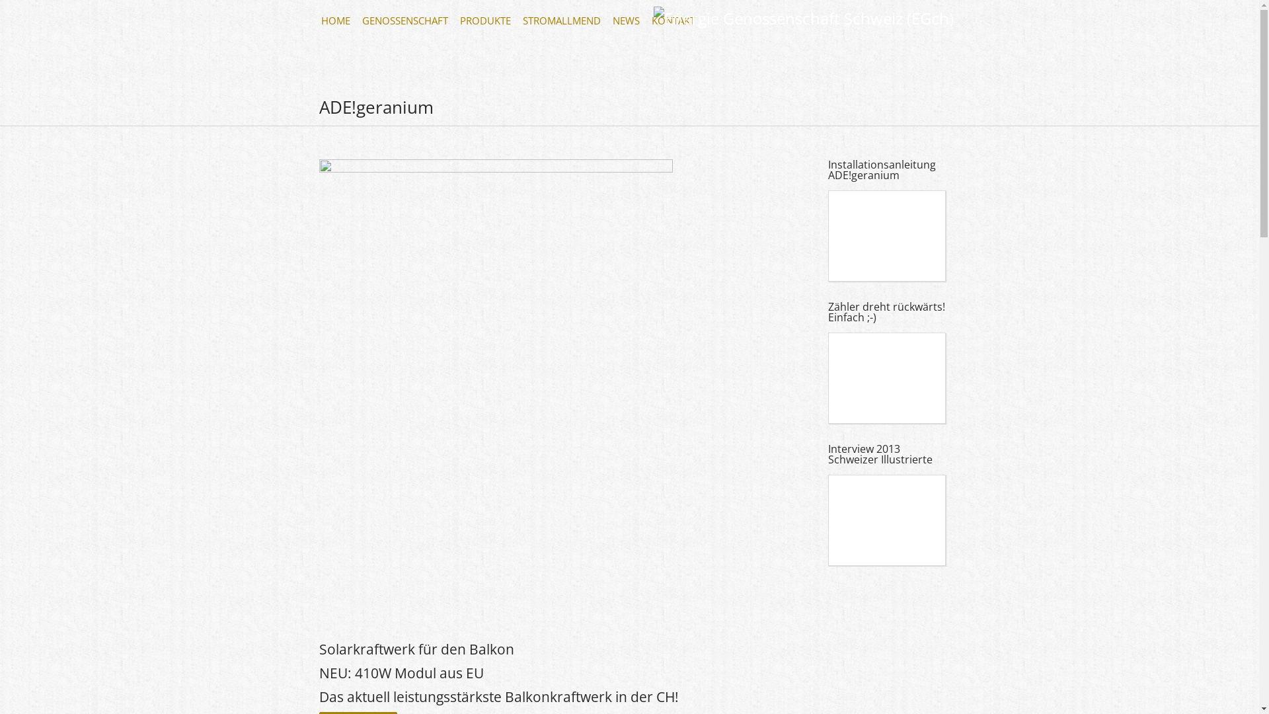  Describe the element at coordinates (802, 18) in the screenshot. I see `'Energie Genossenschaft Schweiz (EGch)'` at that location.